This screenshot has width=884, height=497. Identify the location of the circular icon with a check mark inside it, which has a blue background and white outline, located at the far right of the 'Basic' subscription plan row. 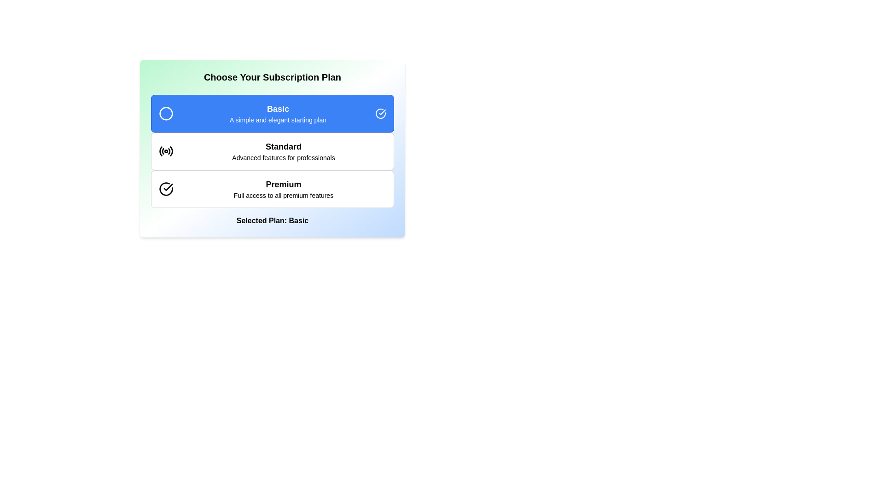
(380, 113).